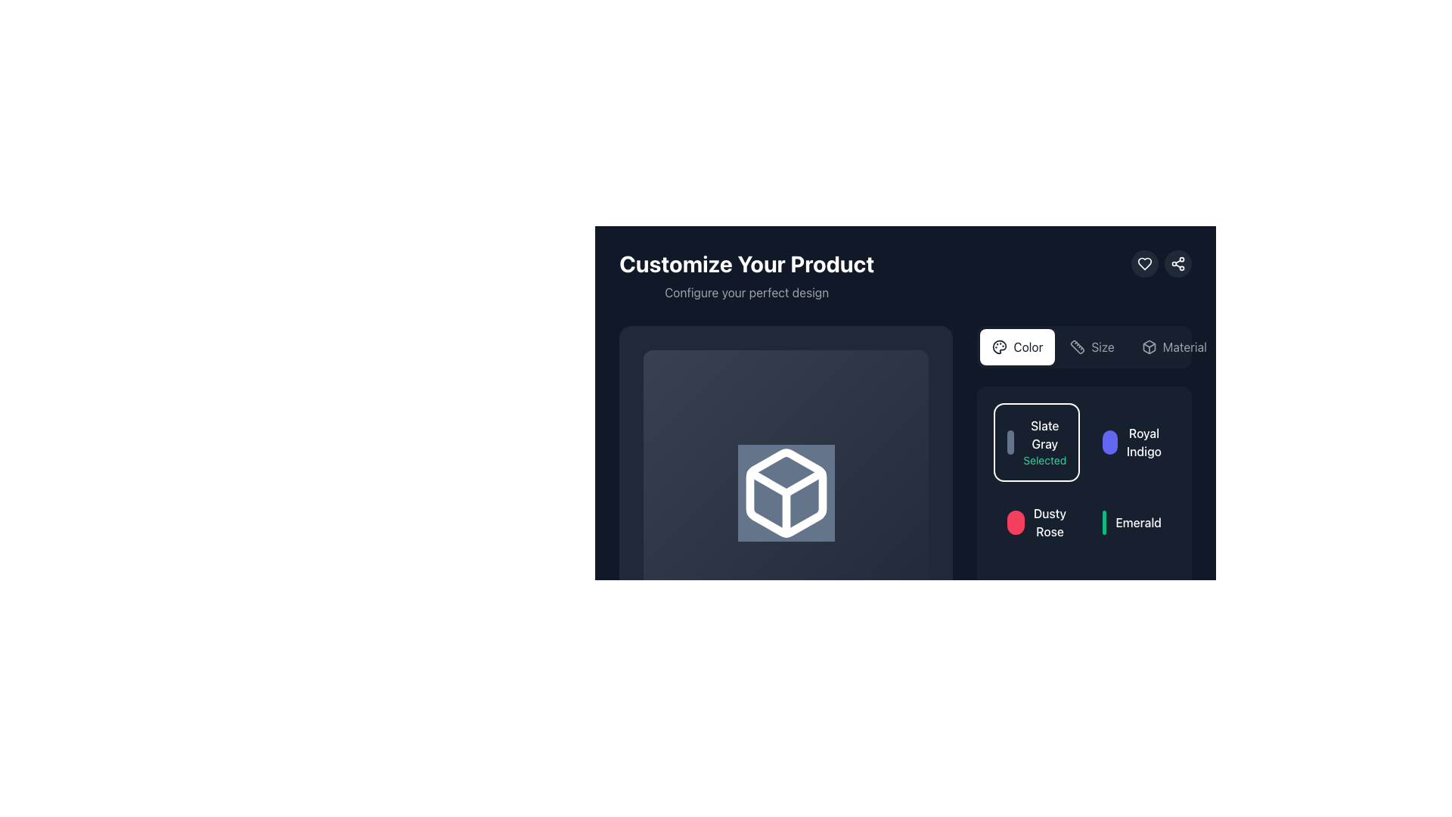  I want to click on the selectable option with a dark background and the text 'Emerald' featuring a green circular icon on the left, so click(1132, 521).